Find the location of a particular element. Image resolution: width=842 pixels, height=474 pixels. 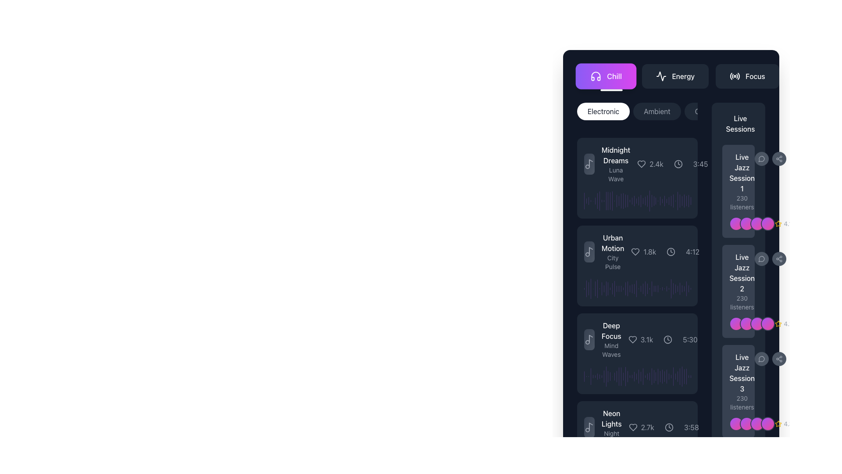

the third card in the live session list is located at coordinates (738, 391).